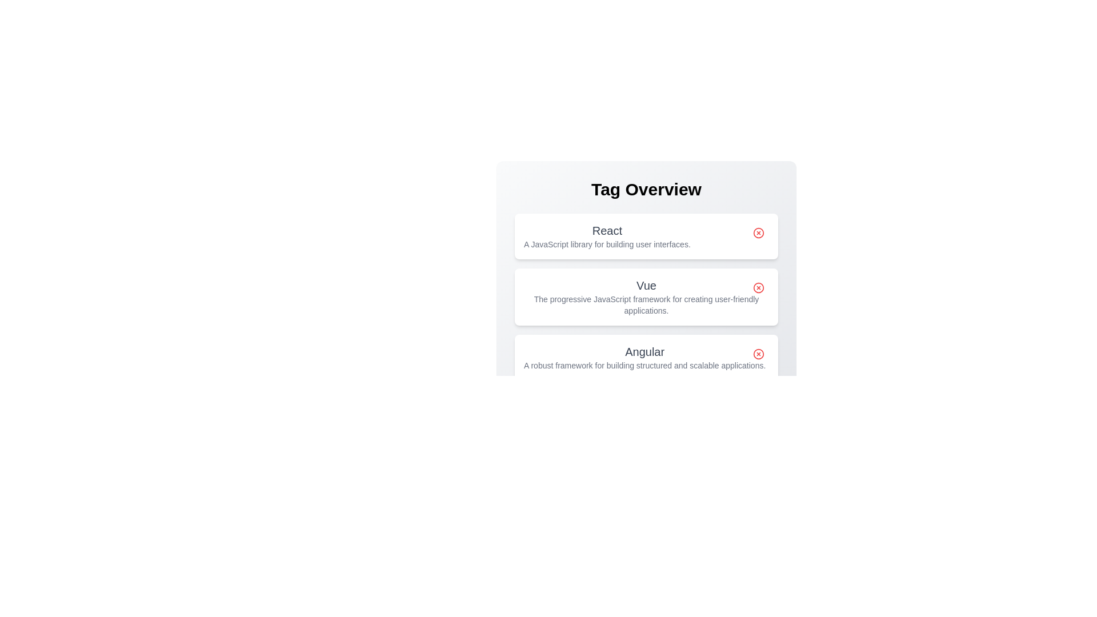  What do you see at coordinates (759, 233) in the screenshot?
I see `close button on the tag labeled React` at bounding box center [759, 233].